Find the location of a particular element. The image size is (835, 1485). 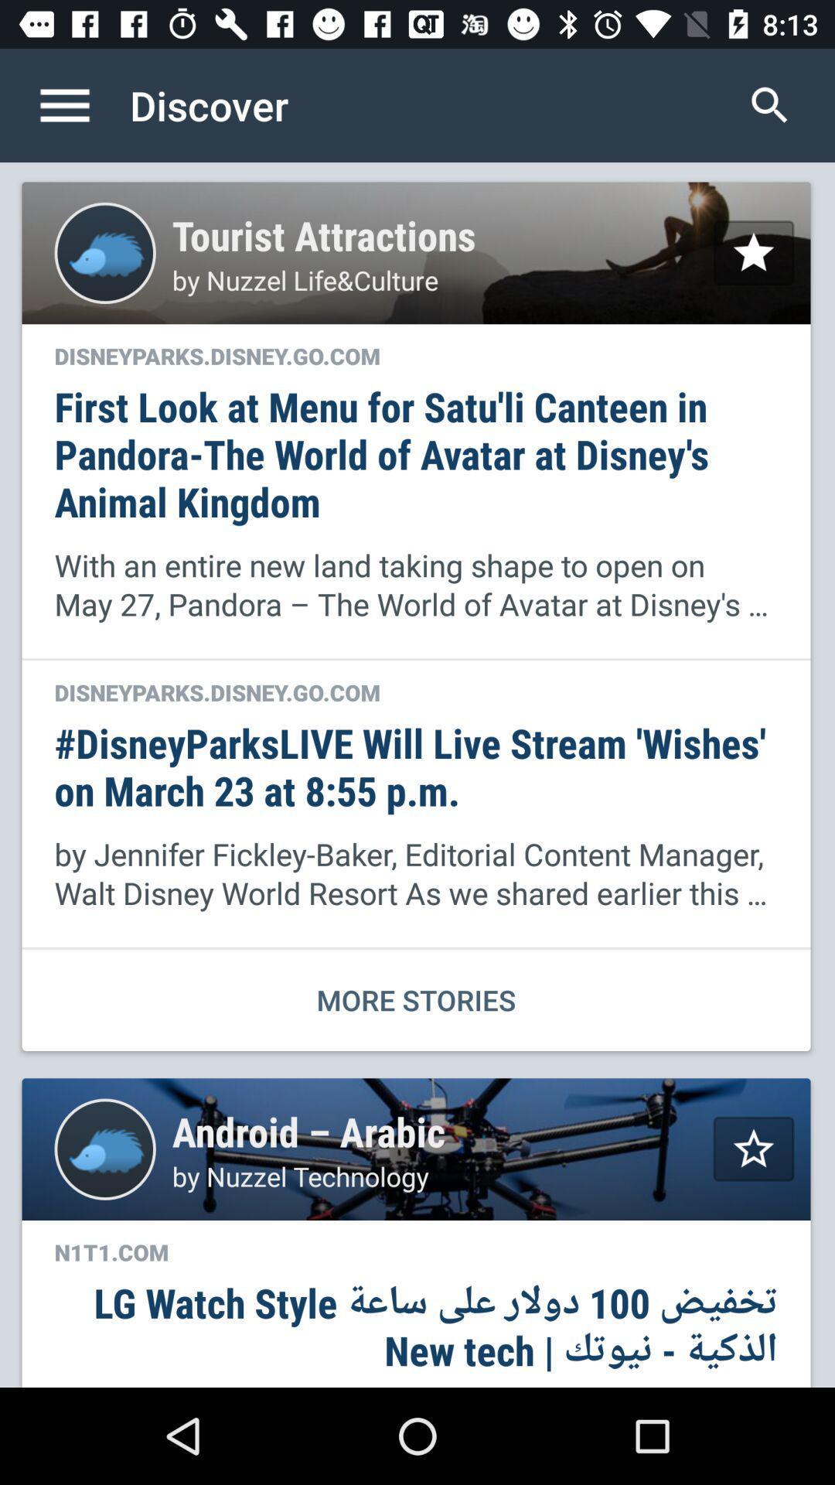

click for menu is located at coordinates (80, 104).